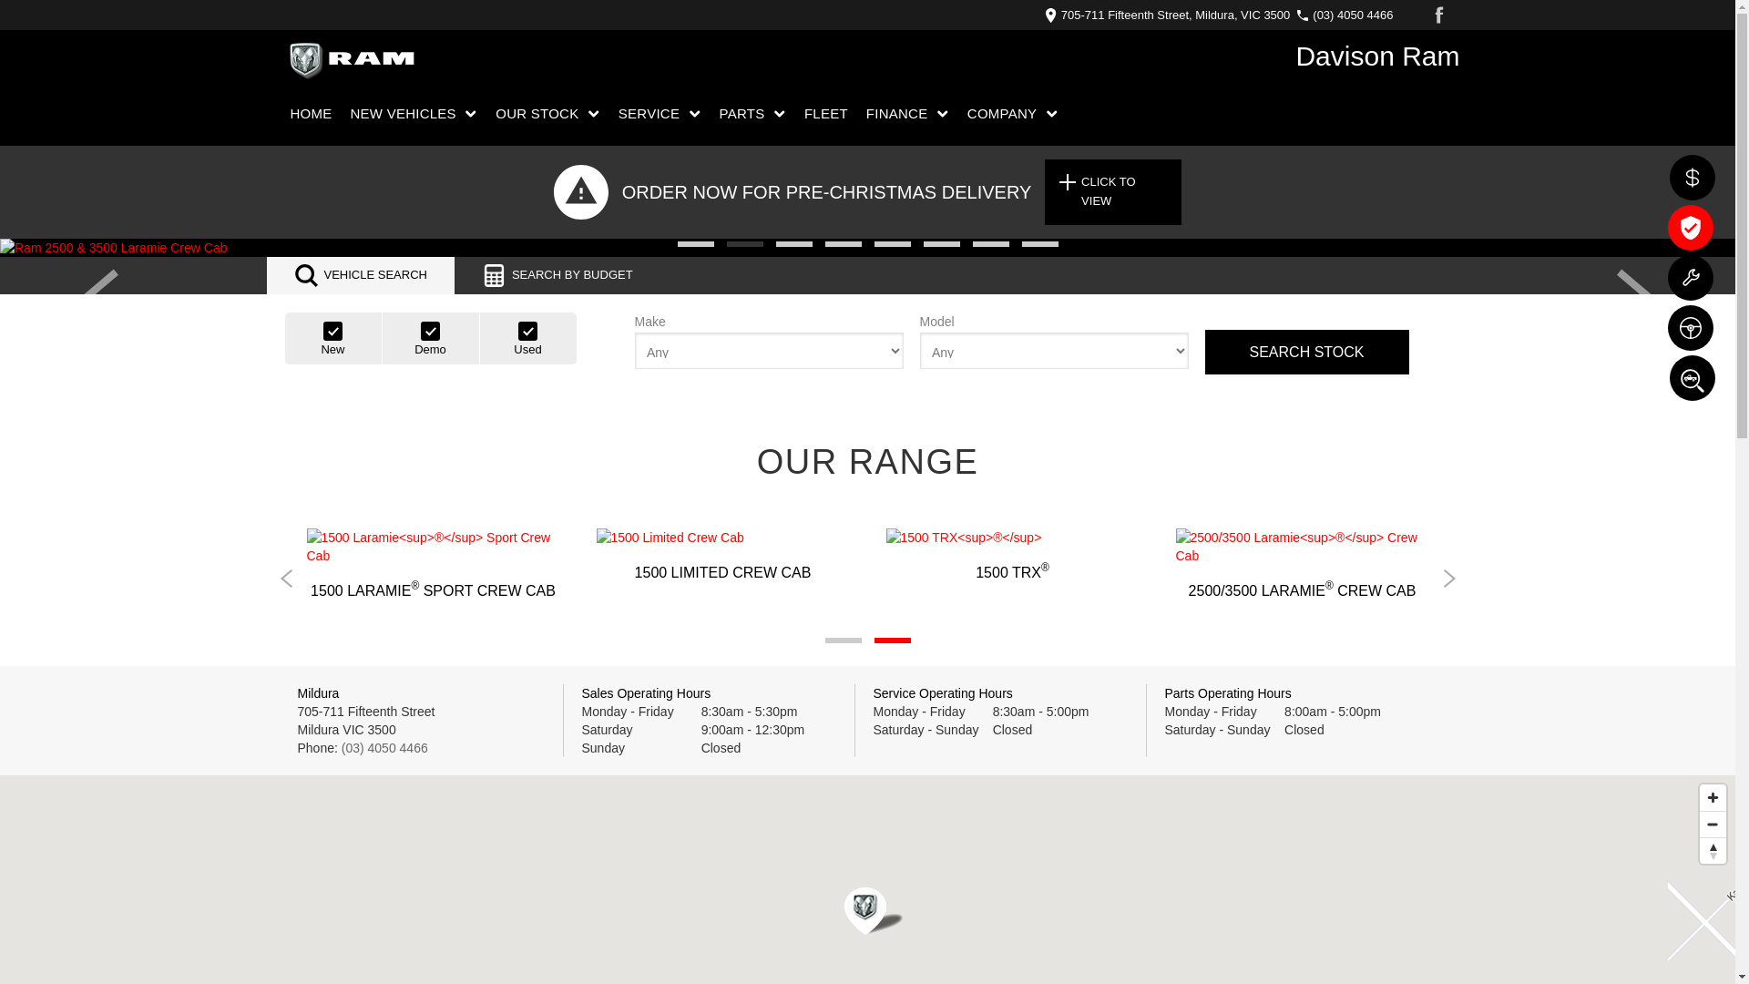 The image size is (1749, 984). Describe the element at coordinates (856, 113) in the screenshot. I see `'FINANCE'` at that location.